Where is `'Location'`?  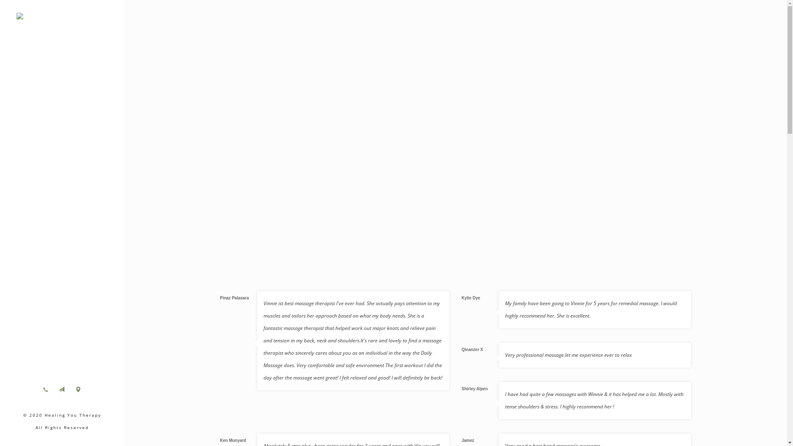 'Location' is located at coordinates (78, 389).